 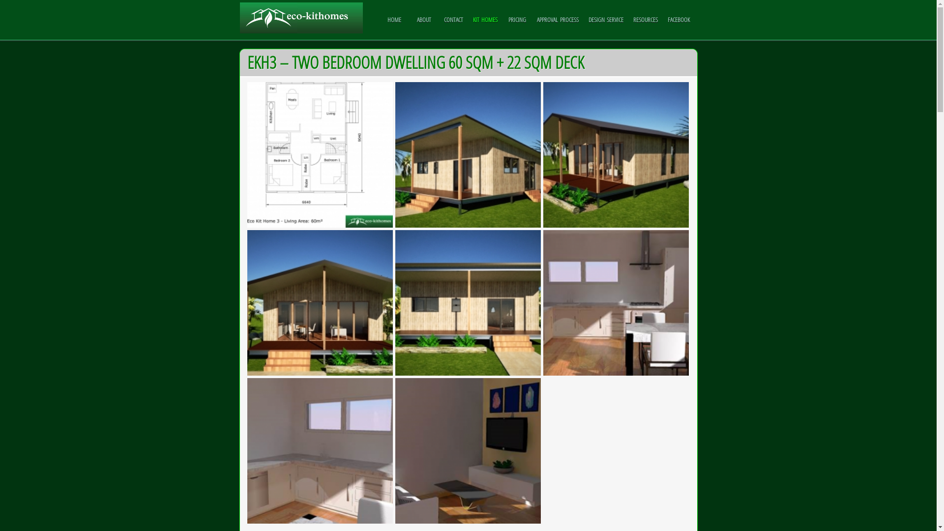 I want to click on 'KIT HOMES', so click(x=485, y=19).